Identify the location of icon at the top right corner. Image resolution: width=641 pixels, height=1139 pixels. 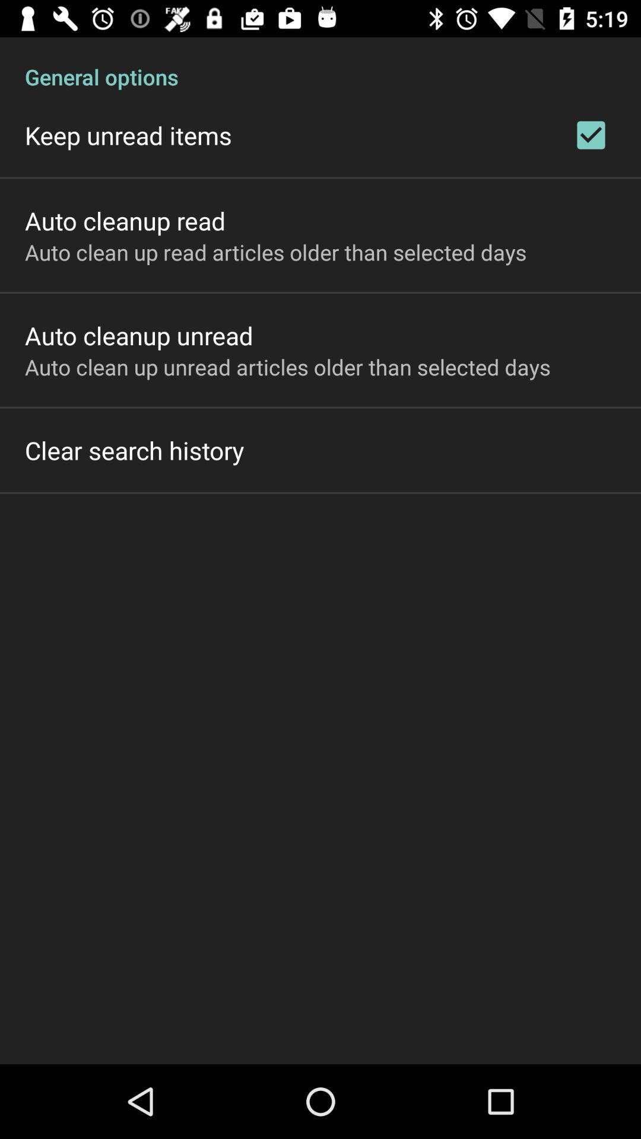
(591, 135).